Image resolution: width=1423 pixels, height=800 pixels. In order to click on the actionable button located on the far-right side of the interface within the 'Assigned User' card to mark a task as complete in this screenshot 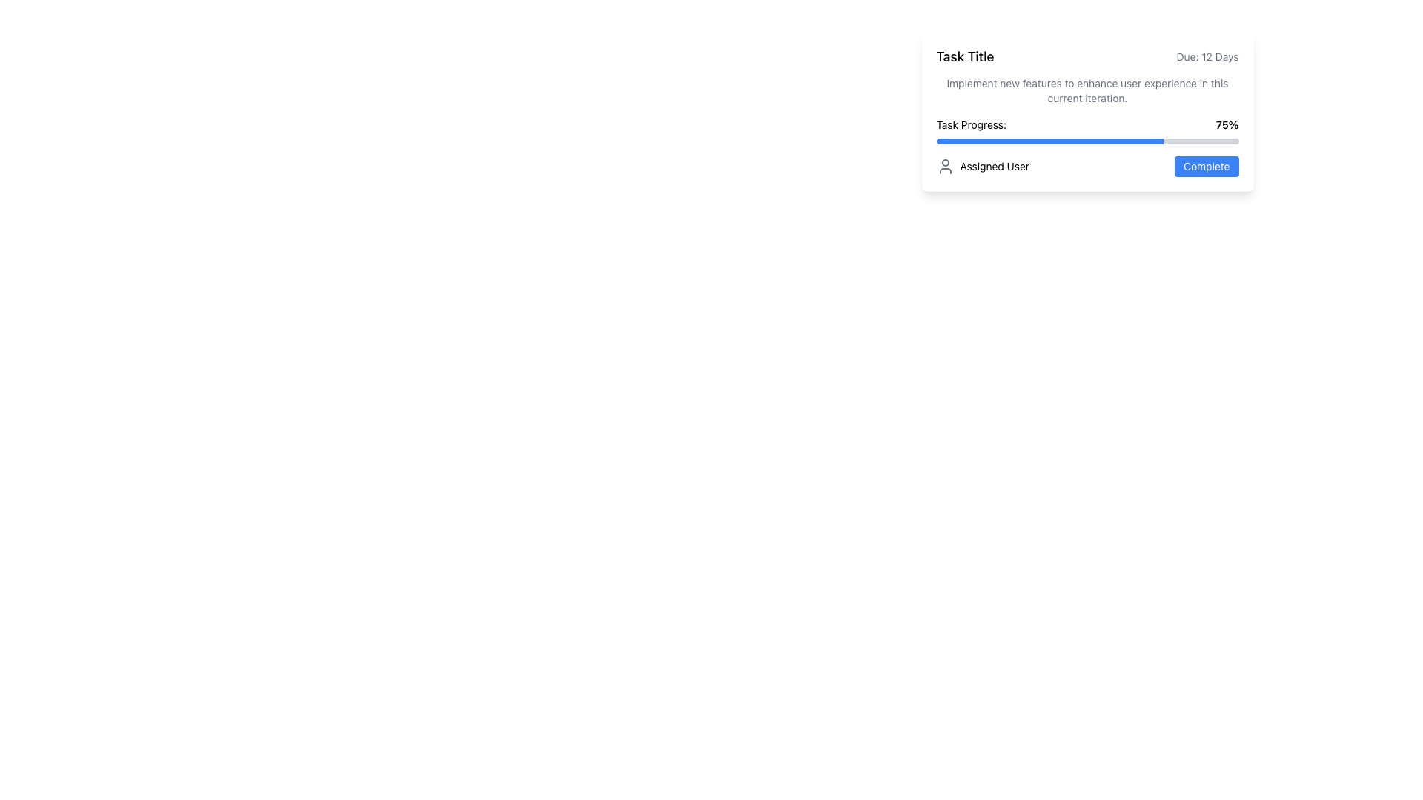, I will do `click(1206, 166)`.